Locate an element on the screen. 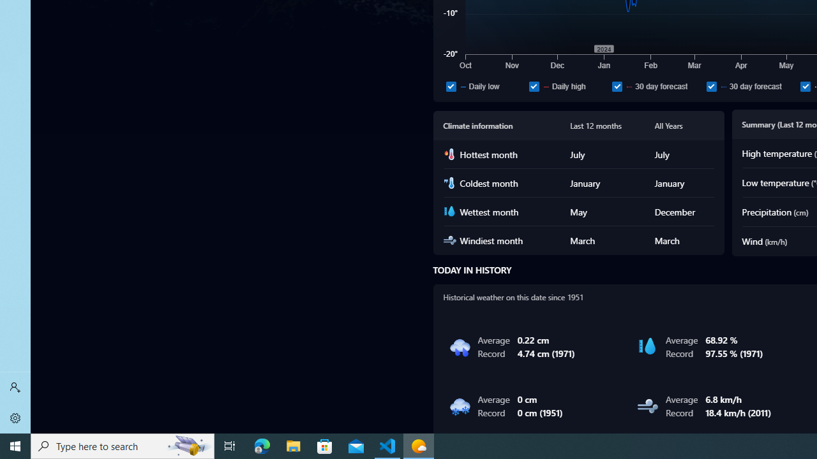 This screenshot has height=459, width=817. 'Task View' is located at coordinates (229, 445).